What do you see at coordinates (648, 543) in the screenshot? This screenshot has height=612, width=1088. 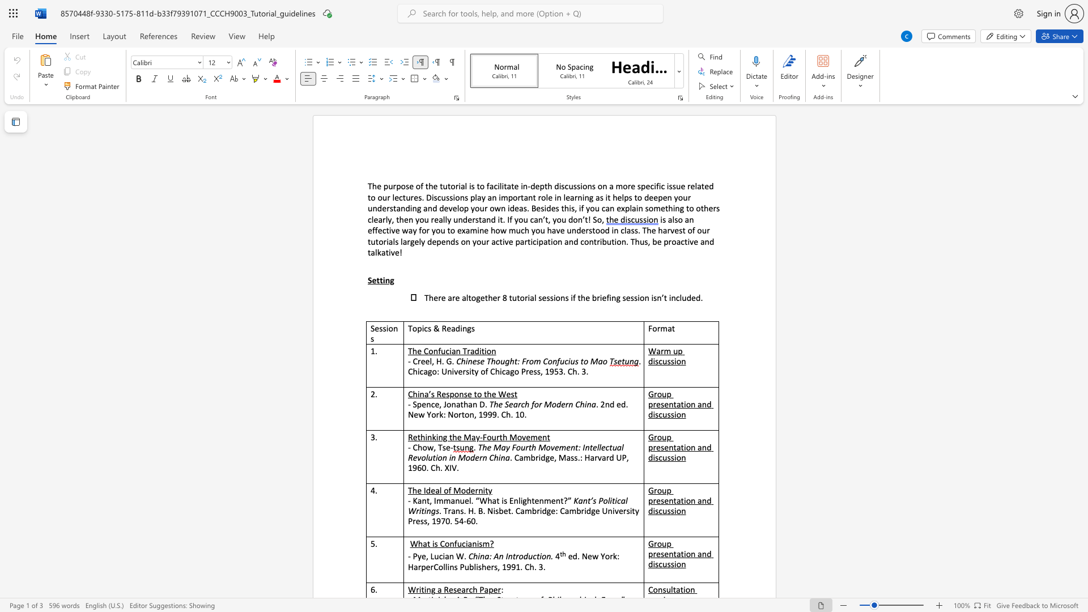 I see `the subset text "Grou" within the text "Group presentation and discussion"` at bounding box center [648, 543].